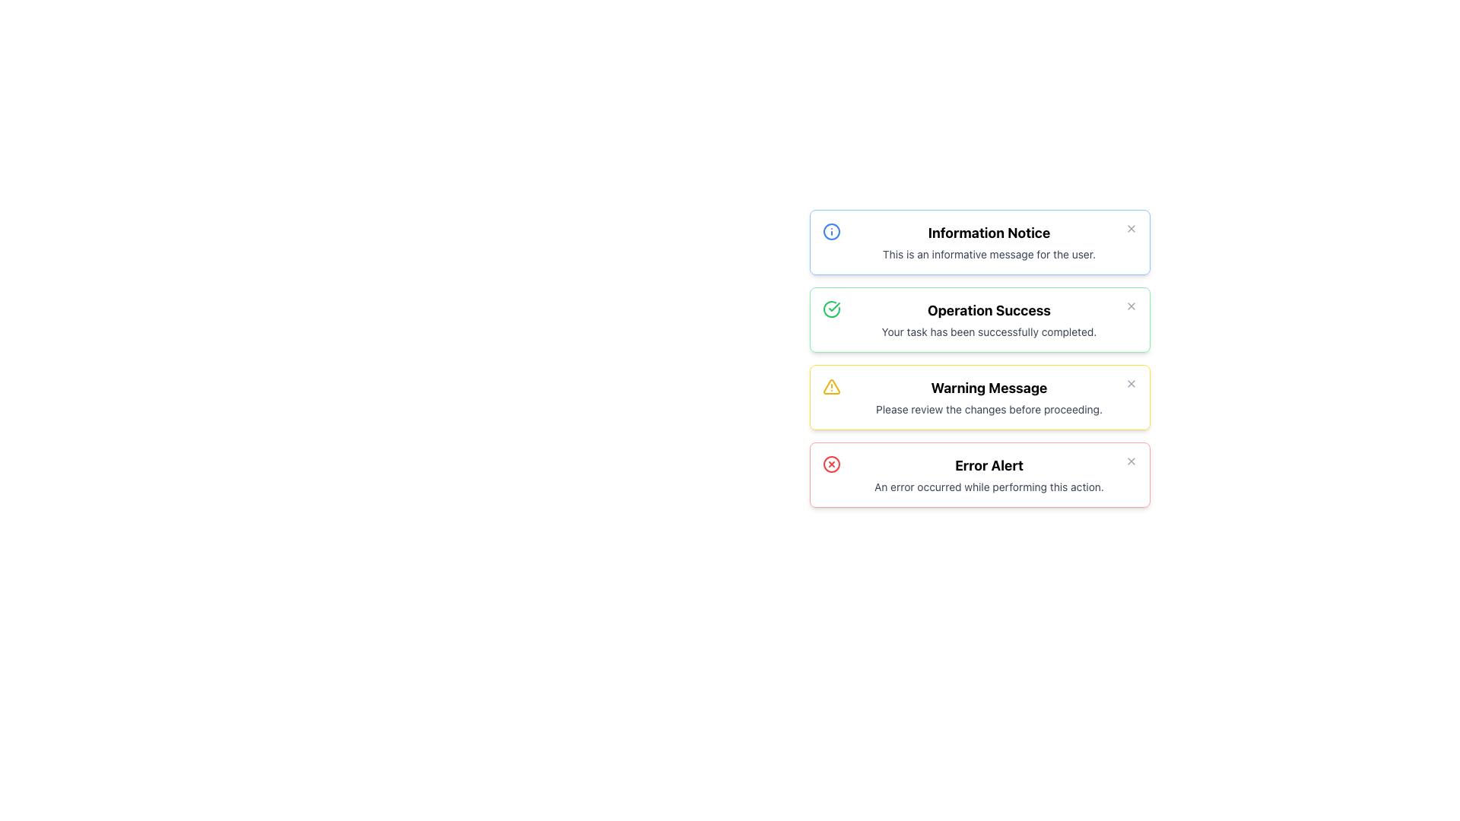  Describe the element at coordinates (989, 319) in the screenshot. I see `the confirmation message text block located in the second notification panel, positioned below the 'Information Notice' and above the 'Warning Message'` at that location.